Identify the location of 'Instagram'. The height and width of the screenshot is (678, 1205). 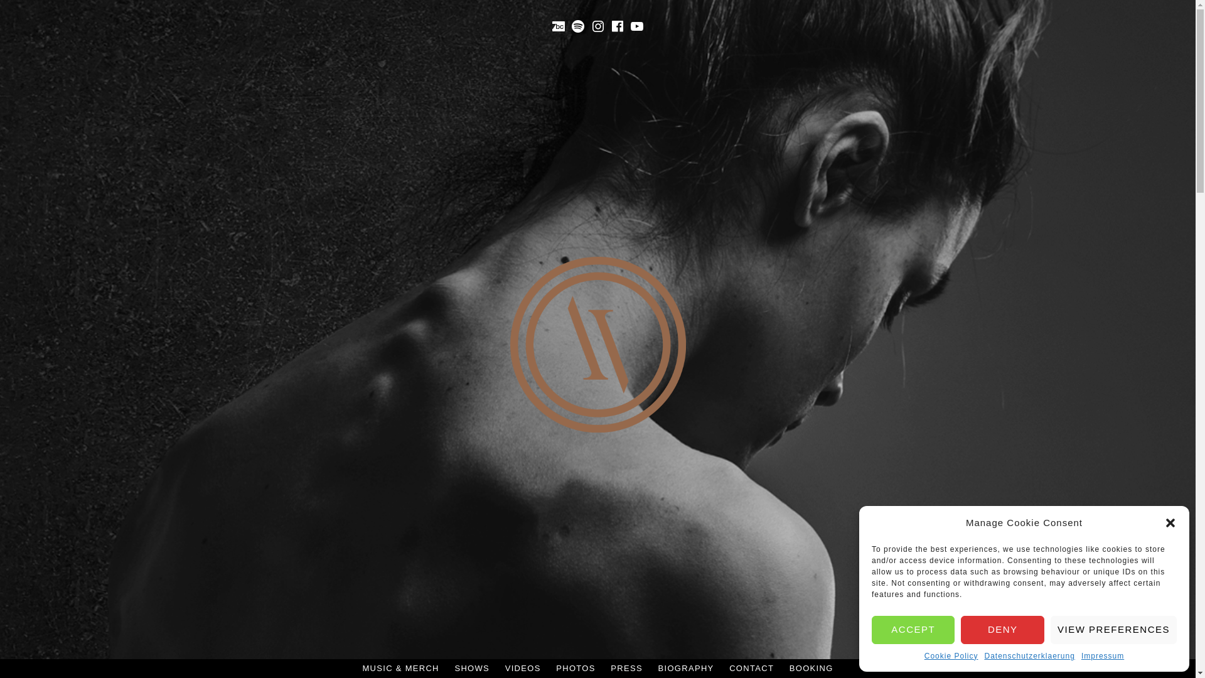
(597, 26).